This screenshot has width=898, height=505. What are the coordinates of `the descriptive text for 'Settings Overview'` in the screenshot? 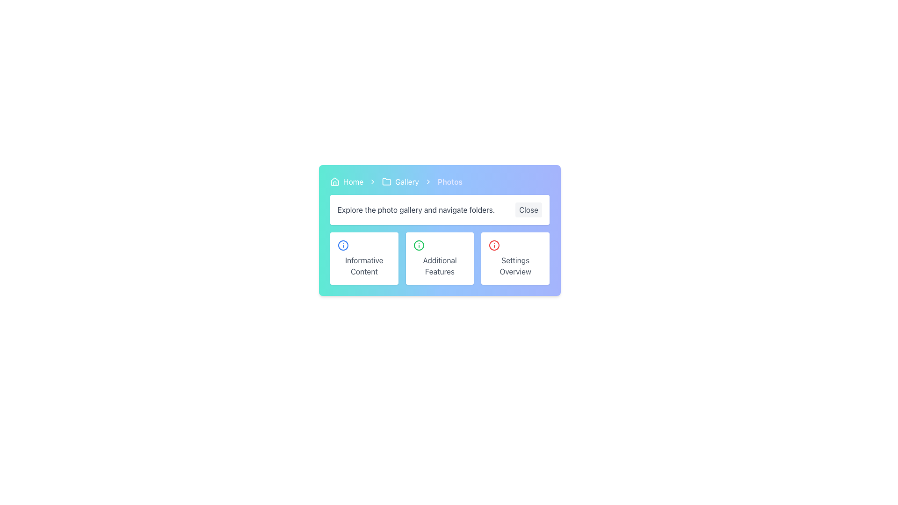 It's located at (515, 266).